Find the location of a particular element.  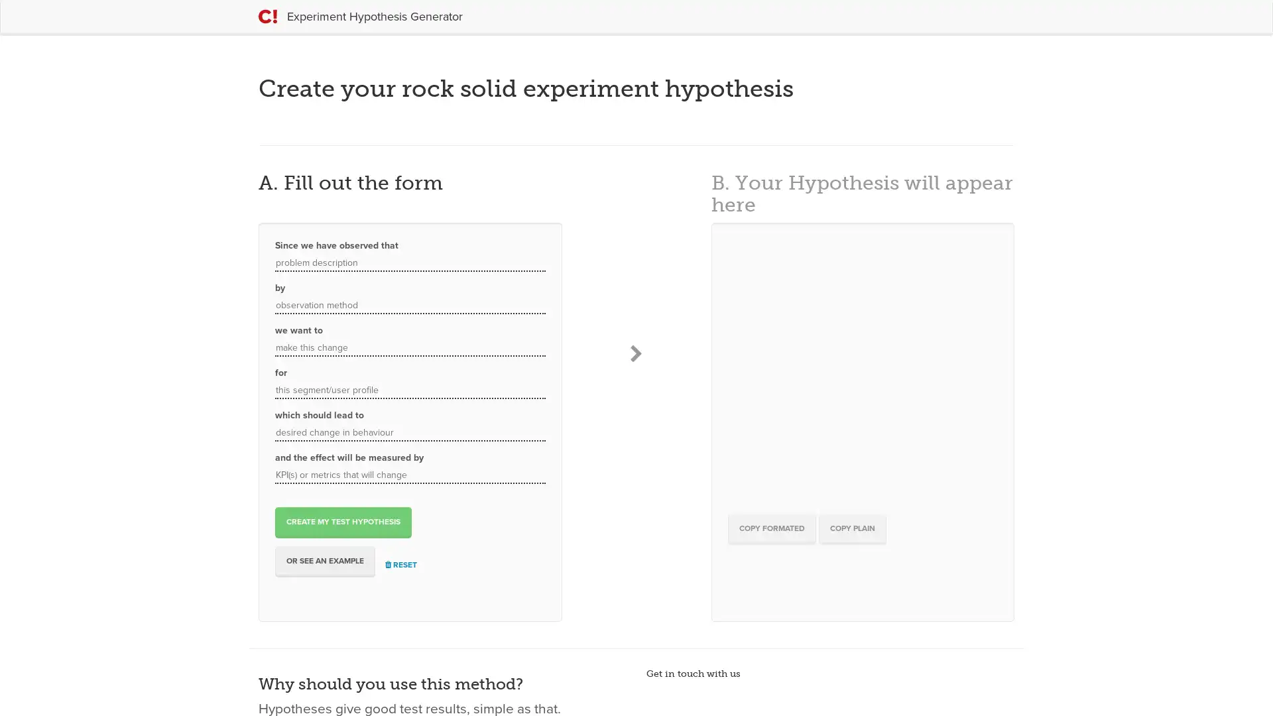

RESET is located at coordinates (400, 565).